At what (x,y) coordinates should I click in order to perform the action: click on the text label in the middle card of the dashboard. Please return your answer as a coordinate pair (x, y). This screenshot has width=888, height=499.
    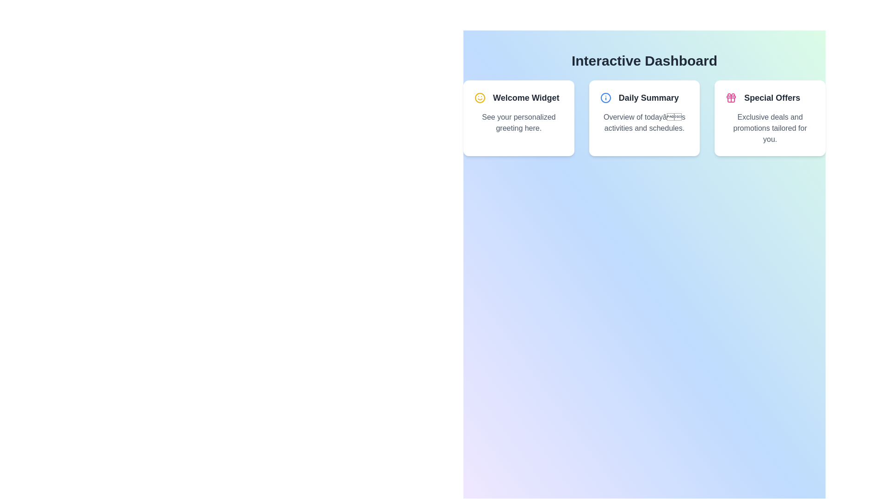
    Looking at the image, I should click on (648, 98).